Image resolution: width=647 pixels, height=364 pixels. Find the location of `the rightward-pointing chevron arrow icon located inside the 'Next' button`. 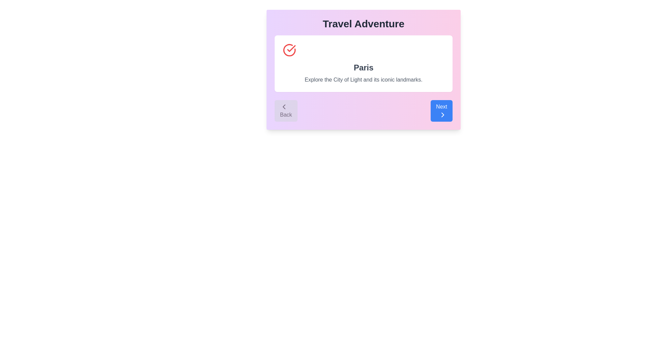

the rightward-pointing chevron arrow icon located inside the 'Next' button is located at coordinates (443, 114).